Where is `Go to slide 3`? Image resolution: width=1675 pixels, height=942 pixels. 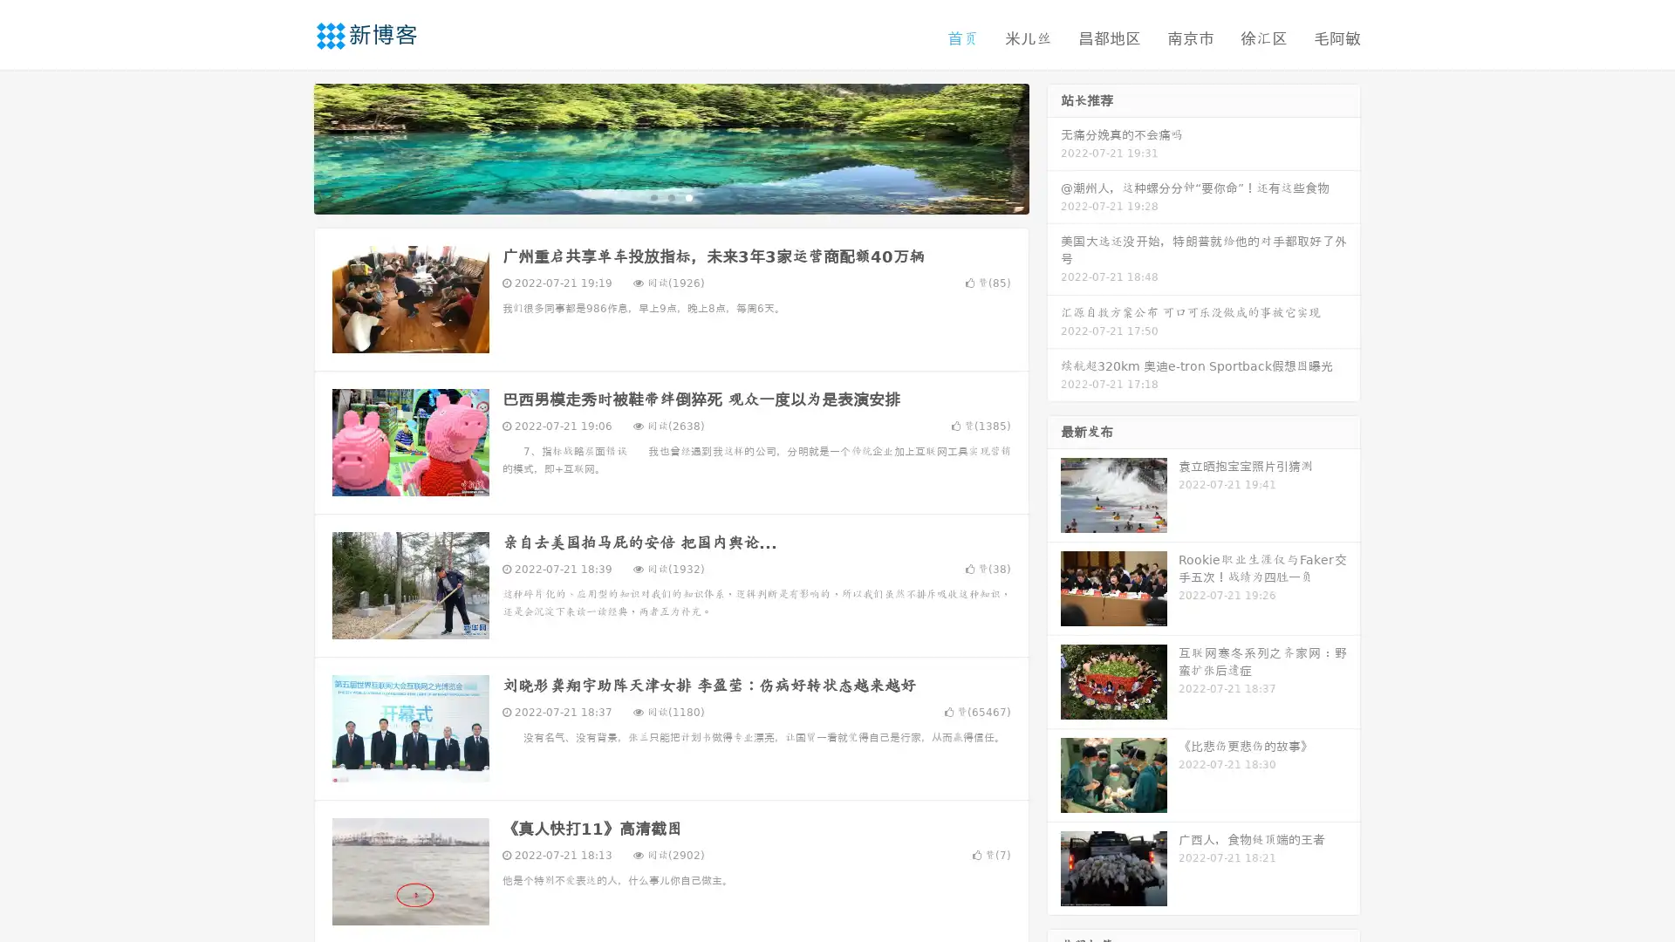
Go to slide 3 is located at coordinates (688, 196).